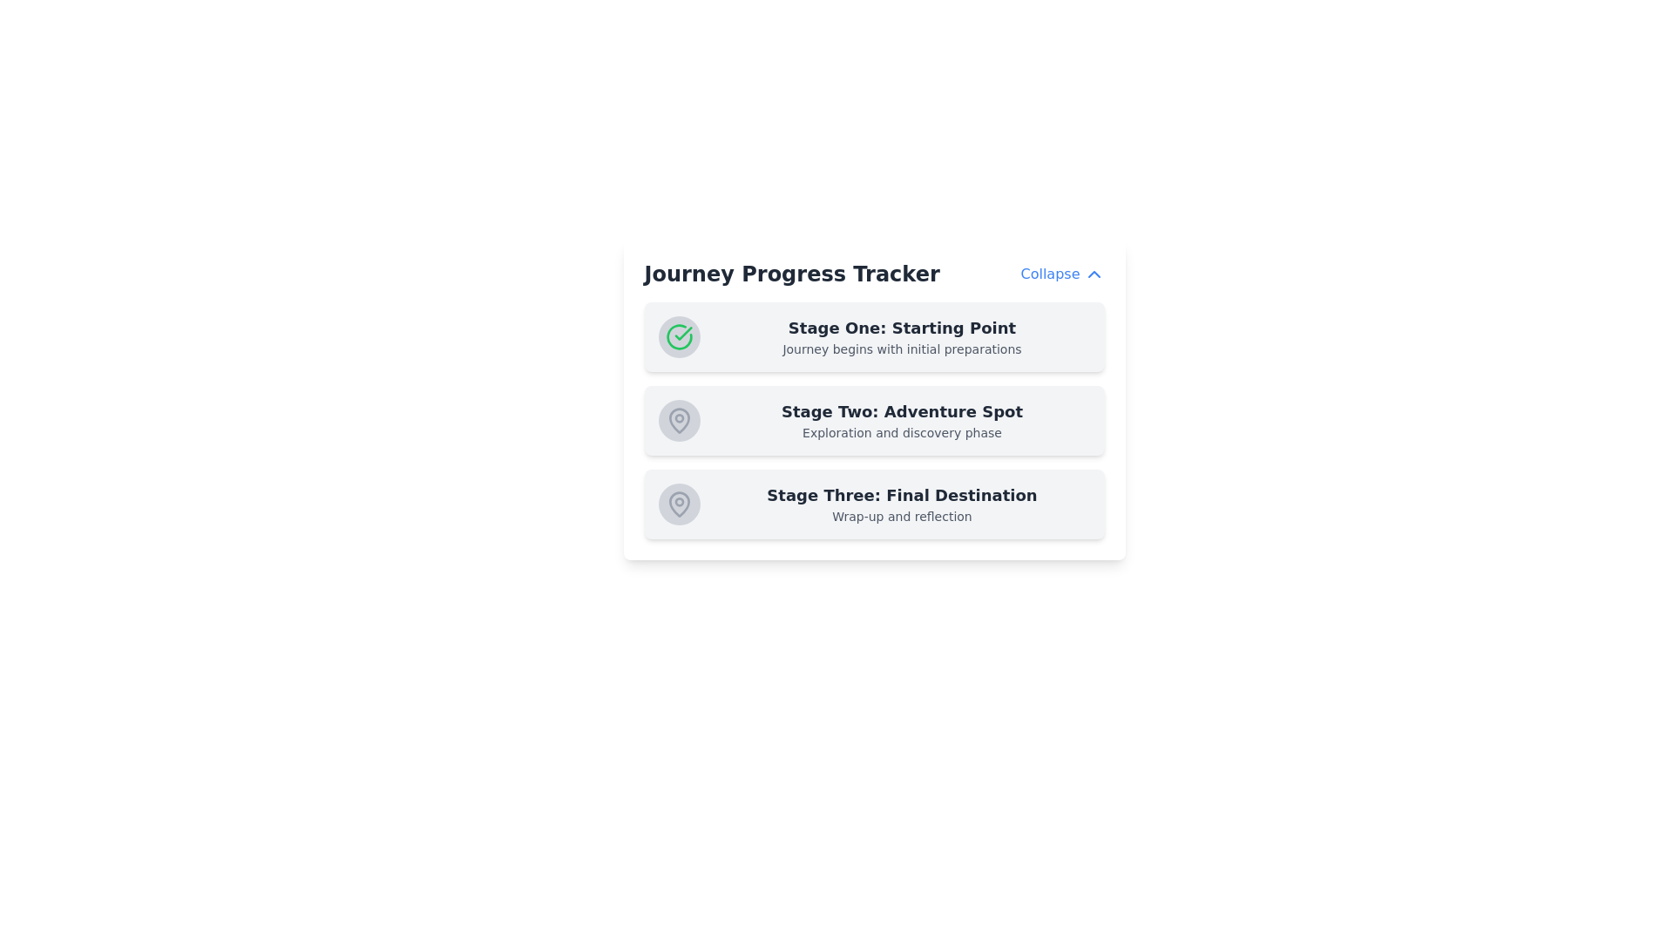 The image size is (1673, 941). I want to click on text content of the second informational card in the 'Journey Progress Tracker' section, which provides details about the second stage of a journey, so click(874, 420).